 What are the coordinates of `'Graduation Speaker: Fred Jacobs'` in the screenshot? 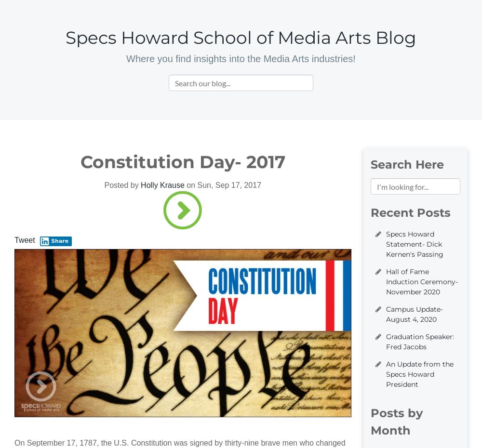 It's located at (419, 342).